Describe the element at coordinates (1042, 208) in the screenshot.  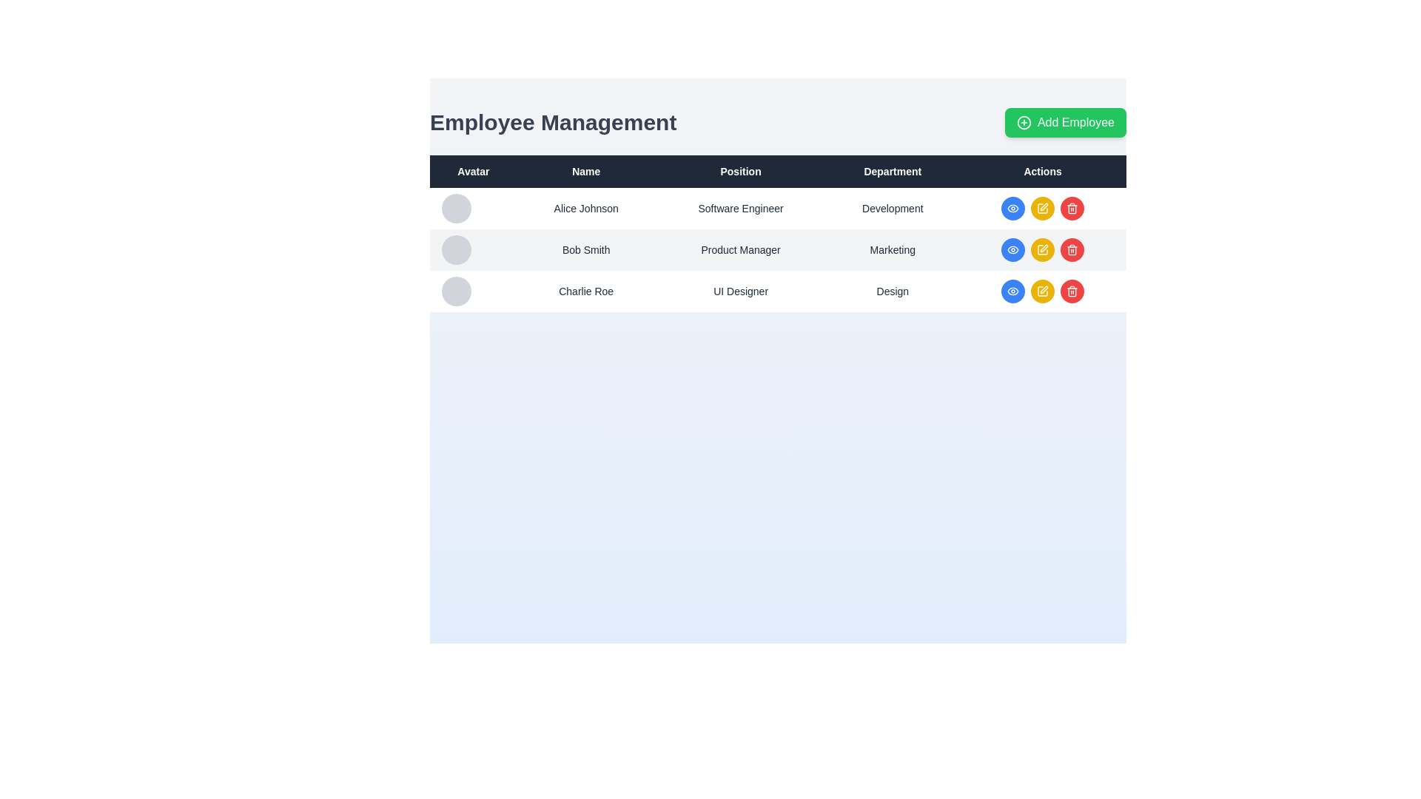
I see `the edit button represented by a pencil icon located in the 'Actions' column, specifically the second button next to the 'Software Engineer' row` at that location.